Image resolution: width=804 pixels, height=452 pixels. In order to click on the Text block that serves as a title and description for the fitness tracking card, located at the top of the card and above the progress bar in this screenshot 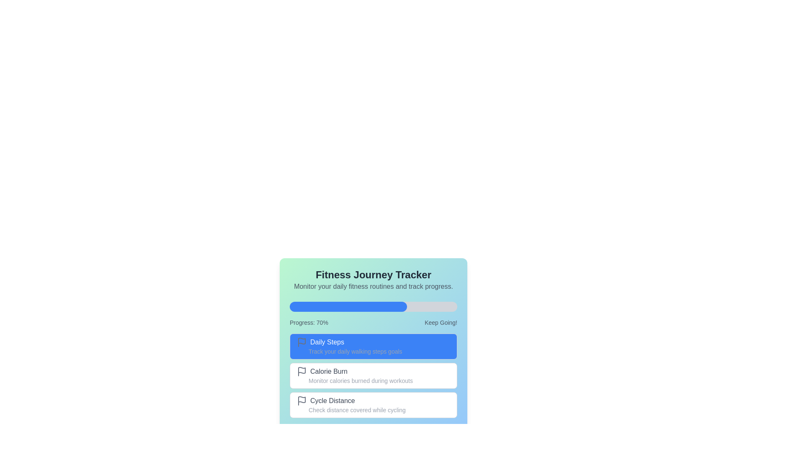, I will do `click(373, 280)`.